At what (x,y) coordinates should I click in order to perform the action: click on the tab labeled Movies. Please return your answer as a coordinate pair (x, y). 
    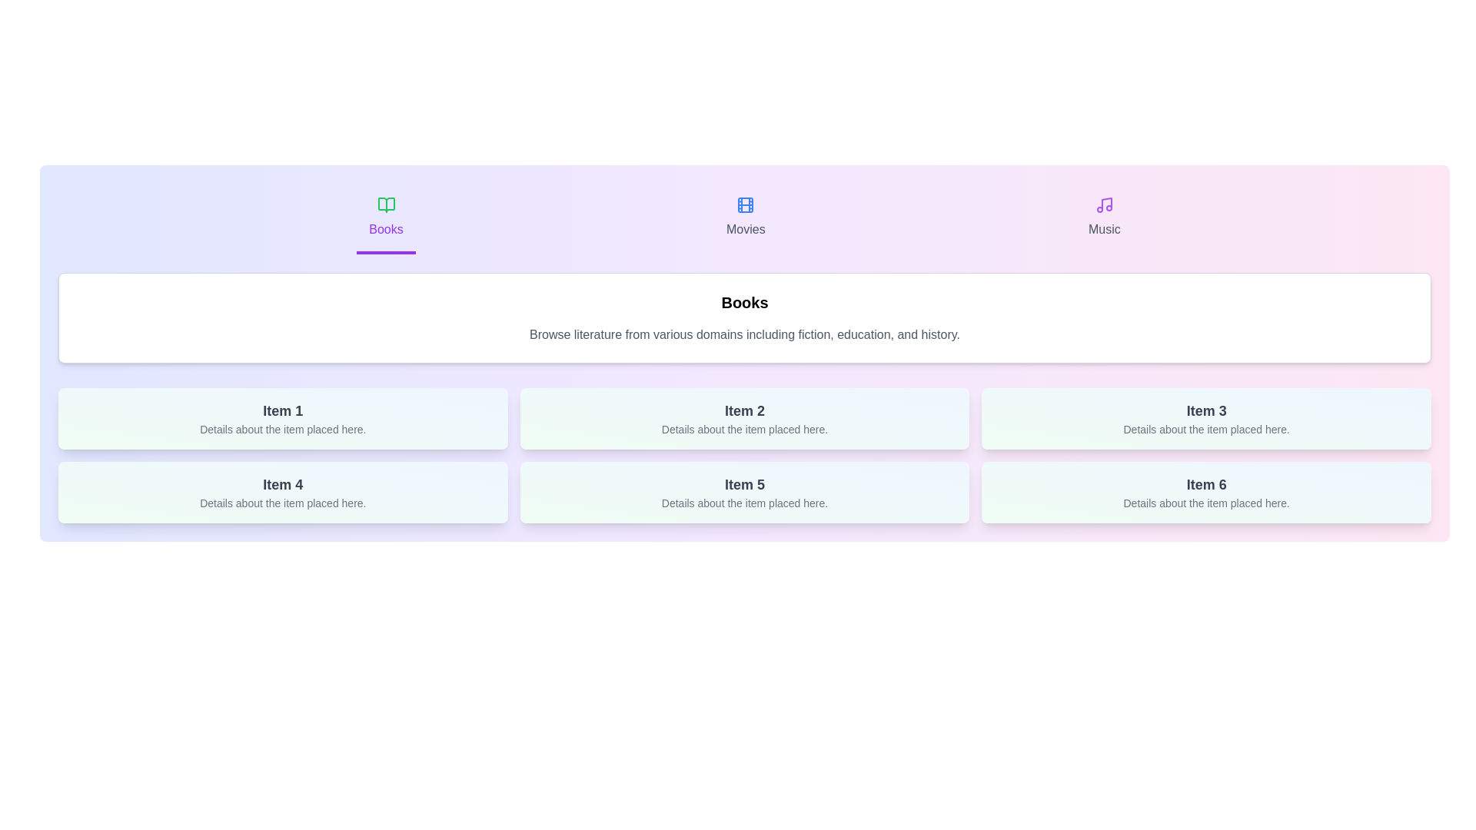
    Looking at the image, I should click on (746, 219).